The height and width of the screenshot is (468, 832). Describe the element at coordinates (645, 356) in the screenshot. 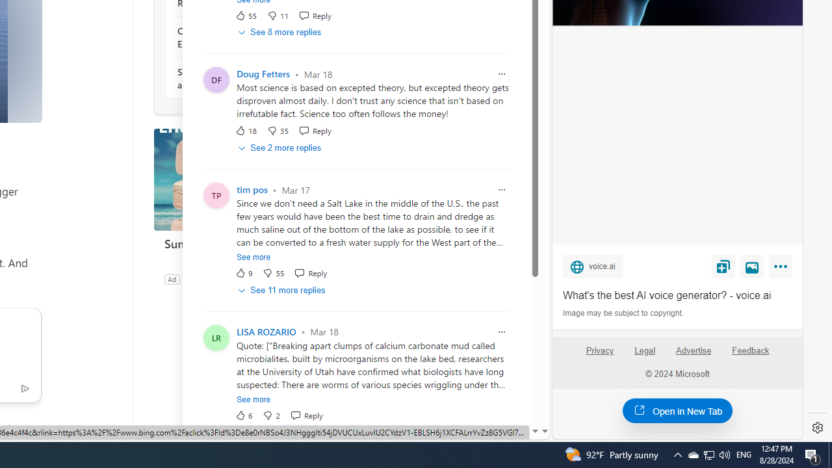

I see `'Legal'` at that location.